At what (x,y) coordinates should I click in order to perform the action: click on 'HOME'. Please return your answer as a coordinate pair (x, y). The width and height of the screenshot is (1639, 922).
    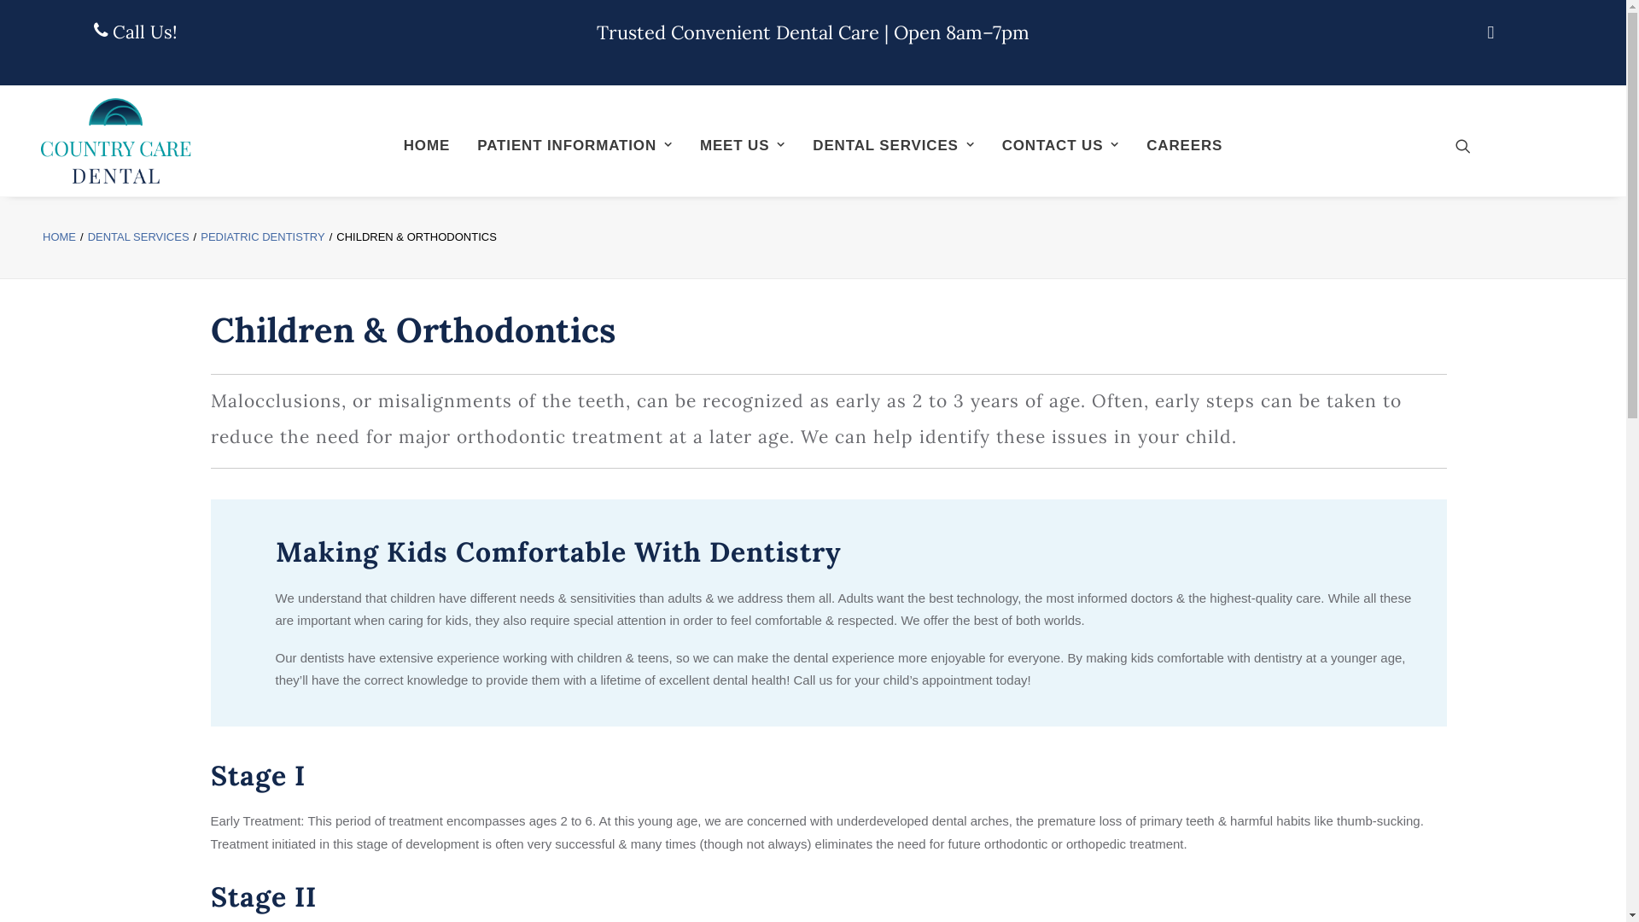
    Looking at the image, I should click on (391, 143).